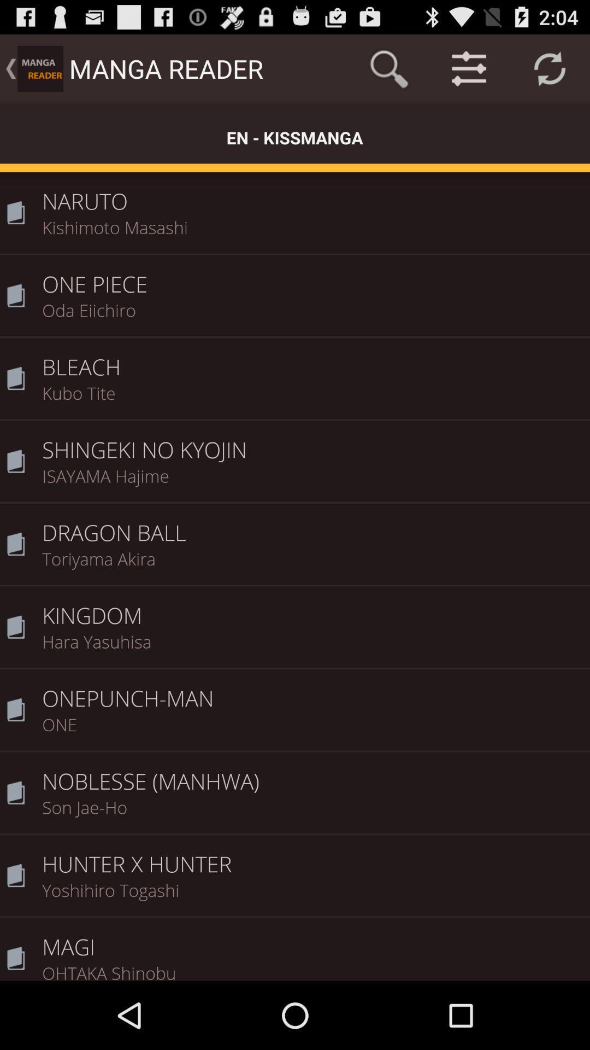 This screenshot has width=590, height=1050. I want to click on icon below the one item, so click(312, 773).